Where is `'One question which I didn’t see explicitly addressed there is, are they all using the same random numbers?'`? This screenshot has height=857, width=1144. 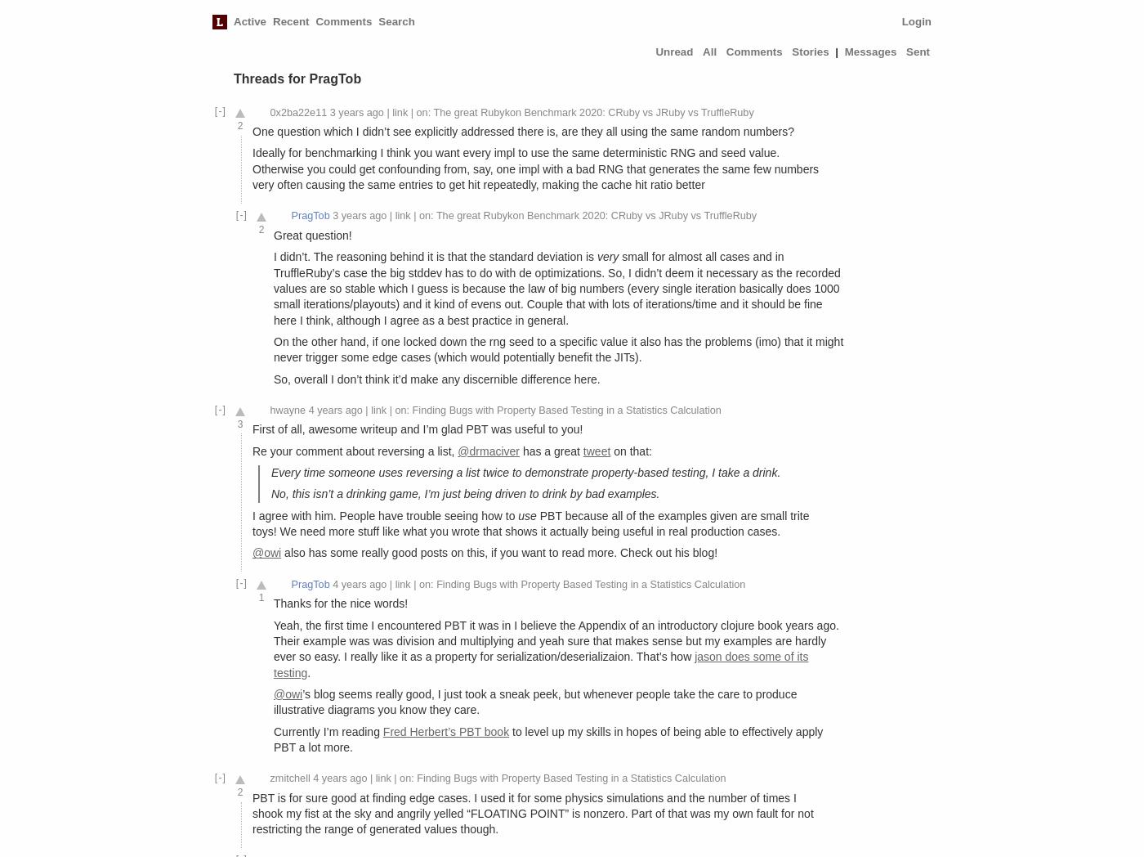 'One question which I didn’t see explicitly addressed there is, are they all using the same random numbers?' is located at coordinates (523, 131).